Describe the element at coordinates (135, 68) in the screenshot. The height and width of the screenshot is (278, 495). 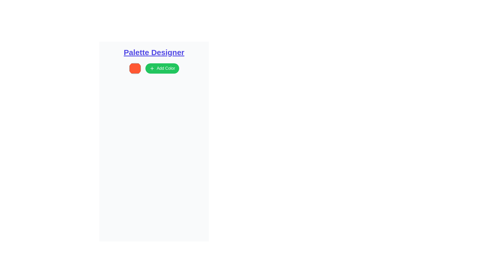
I see `the color picker widget located to the left of the 'Add Color' button in the 'Palette Designer' section` at that location.